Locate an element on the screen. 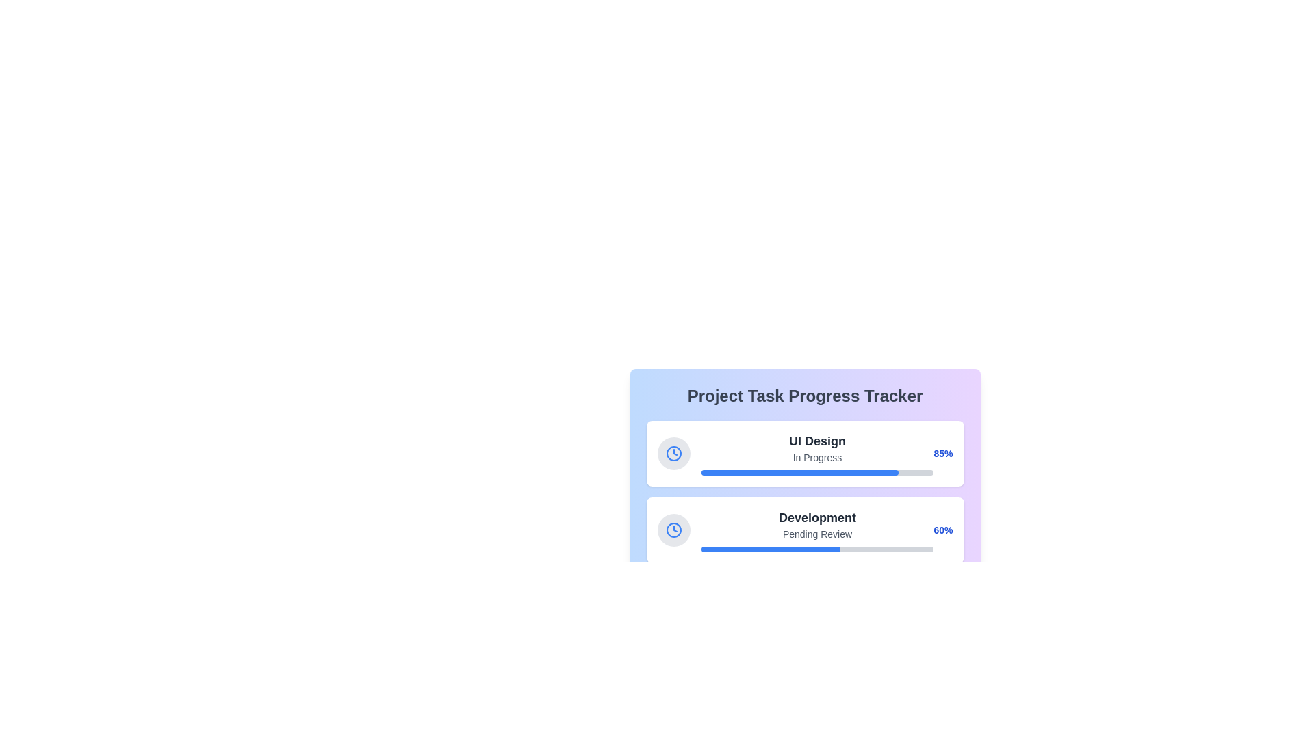 The height and width of the screenshot is (739, 1314). the text label stating 'Development', which is styled in bold and larger text, located in the second card of the progress tracking items, above the 'Pending Review' status is located at coordinates (817, 517).